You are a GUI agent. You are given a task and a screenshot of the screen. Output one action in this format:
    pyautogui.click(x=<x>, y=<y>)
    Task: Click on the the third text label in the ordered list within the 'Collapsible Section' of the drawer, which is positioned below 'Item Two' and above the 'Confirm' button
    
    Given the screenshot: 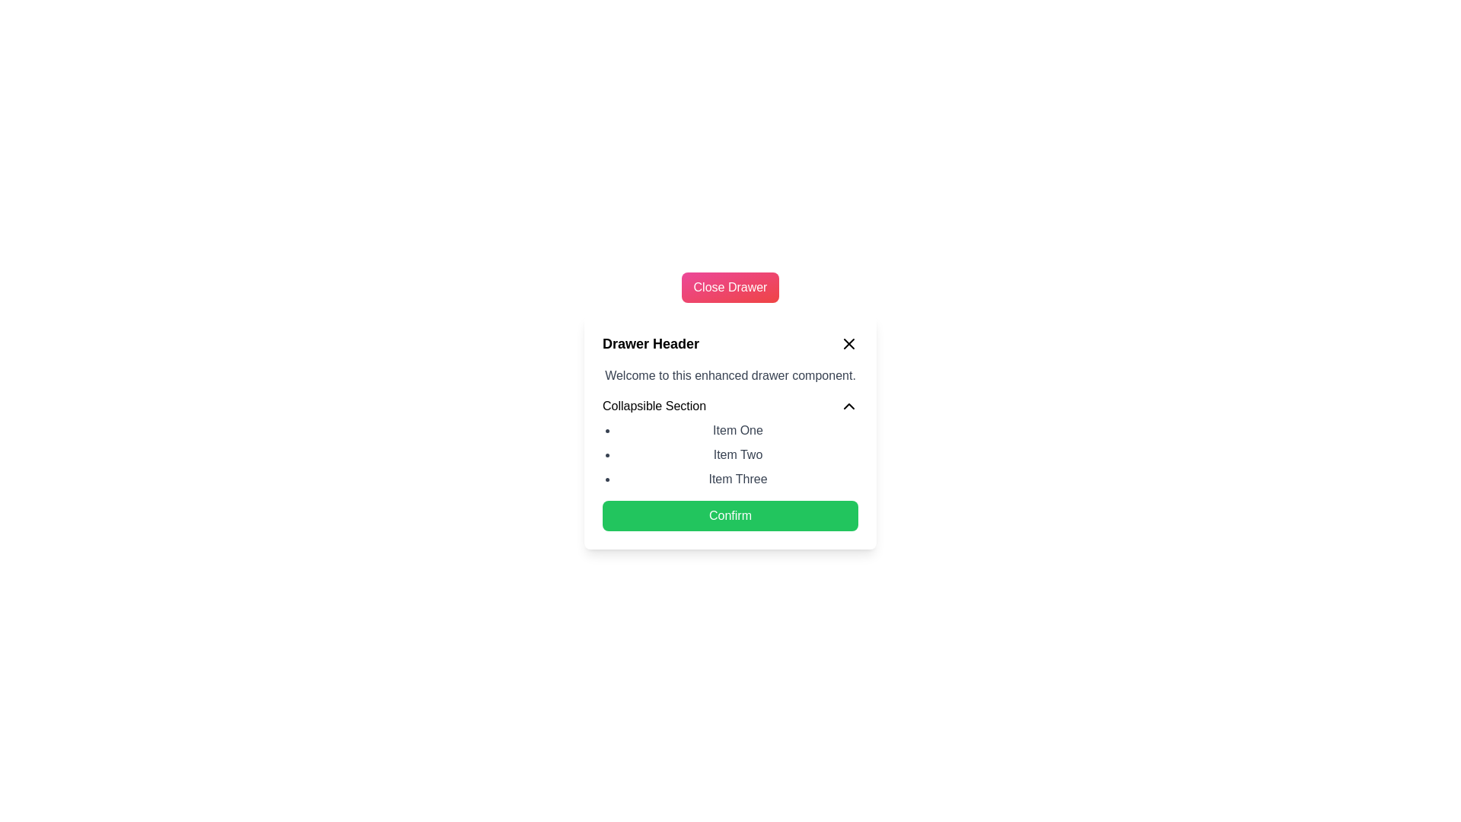 What is the action you would take?
    pyautogui.click(x=737, y=478)
    